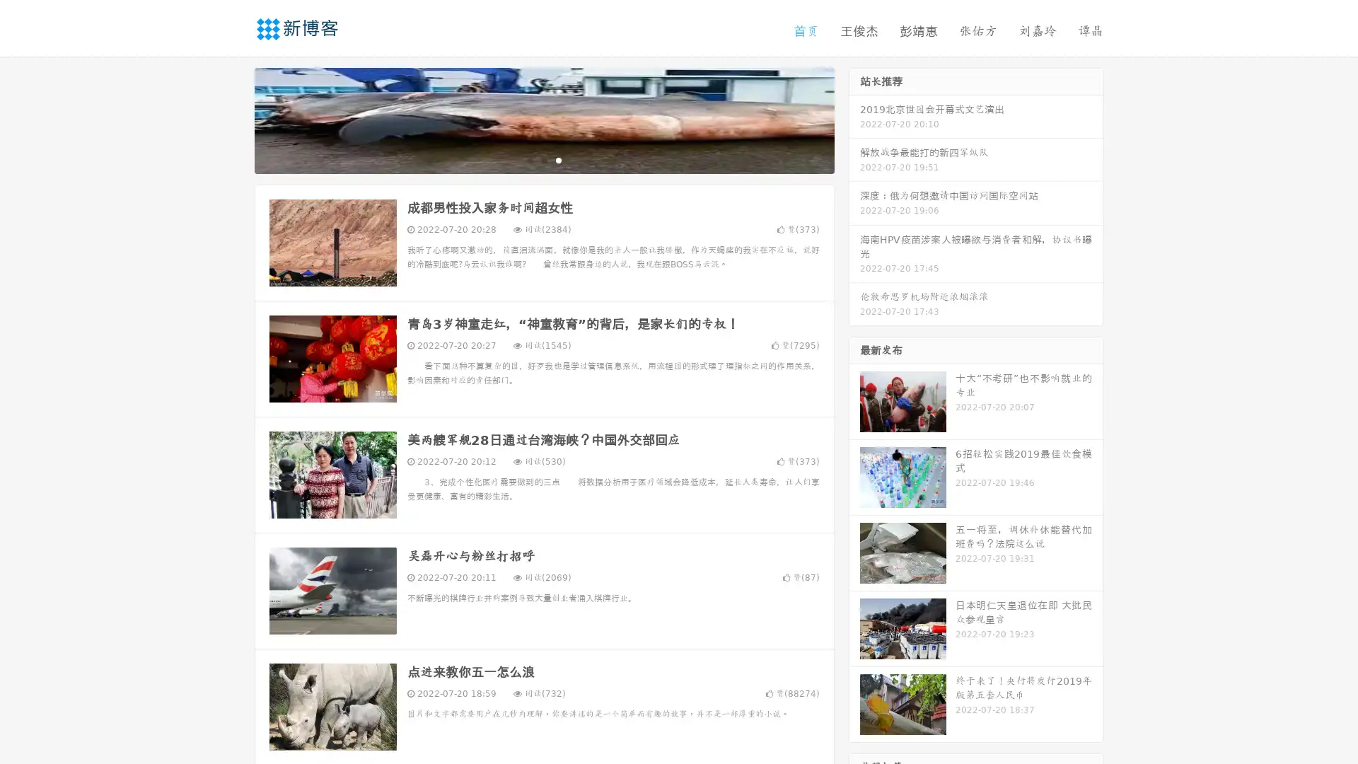  What do you see at coordinates (558, 159) in the screenshot?
I see `Go to slide 3` at bounding box center [558, 159].